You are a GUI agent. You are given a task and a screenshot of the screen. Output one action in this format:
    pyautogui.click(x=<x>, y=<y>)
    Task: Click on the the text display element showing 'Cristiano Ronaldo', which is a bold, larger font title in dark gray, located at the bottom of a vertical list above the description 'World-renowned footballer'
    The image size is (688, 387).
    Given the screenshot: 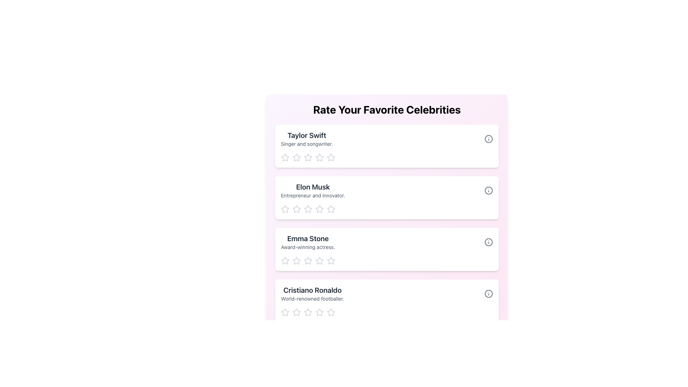 What is the action you would take?
    pyautogui.click(x=312, y=290)
    